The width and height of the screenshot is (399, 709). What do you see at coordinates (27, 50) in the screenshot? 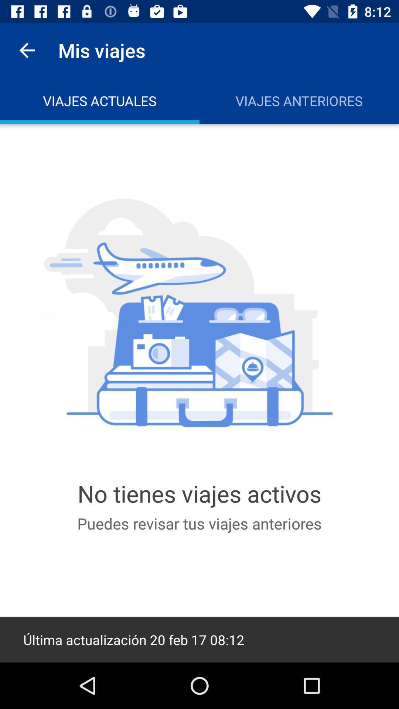
I see `app next to mis viajes app` at bounding box center [27, 50].